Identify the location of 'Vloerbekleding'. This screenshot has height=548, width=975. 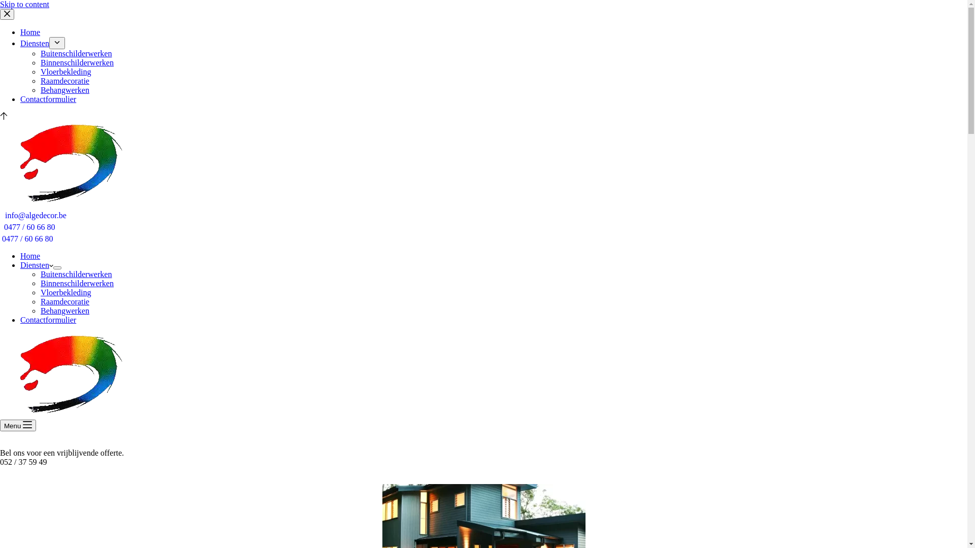
(65, 292).